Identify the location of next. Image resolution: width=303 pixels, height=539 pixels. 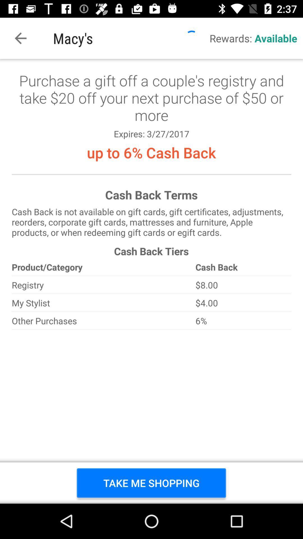
(151, 281).